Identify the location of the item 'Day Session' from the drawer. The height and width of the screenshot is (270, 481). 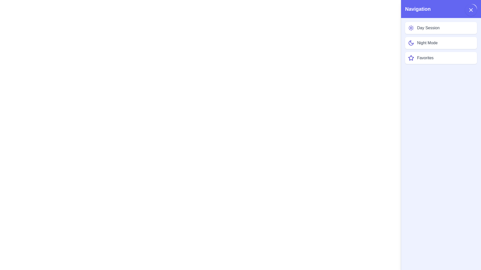
(441, 28).